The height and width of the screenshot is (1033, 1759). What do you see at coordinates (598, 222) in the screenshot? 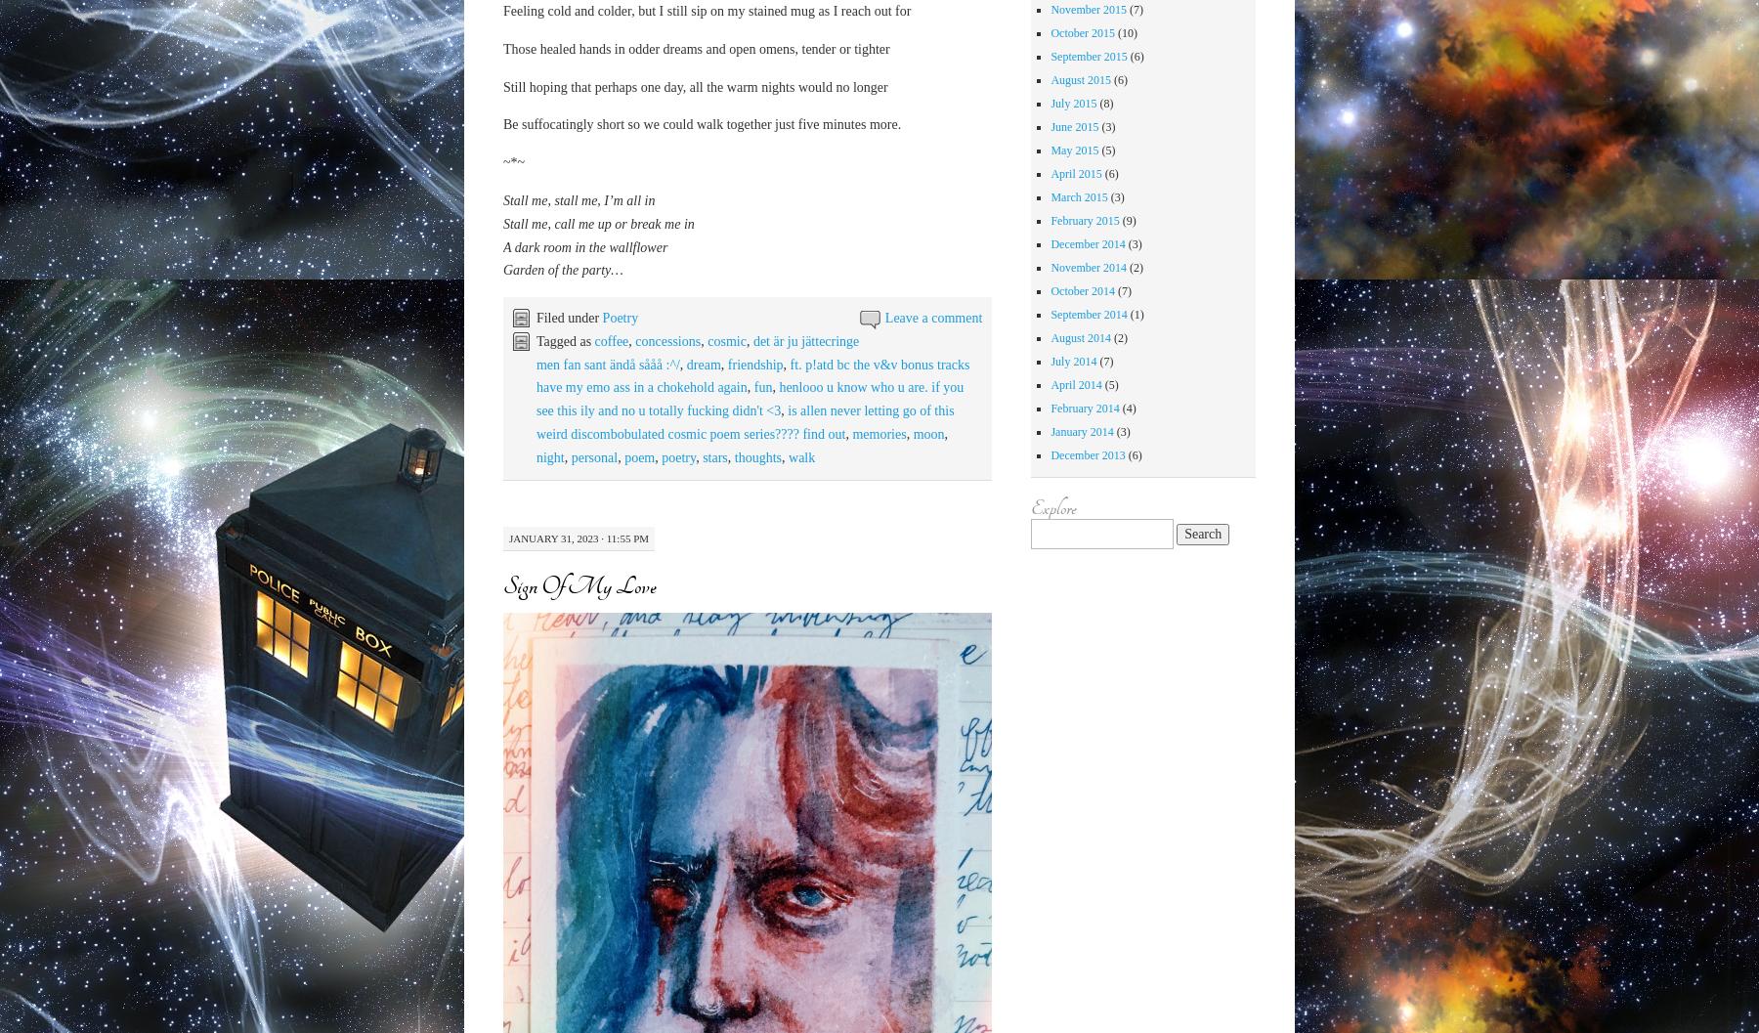
I see `'Stall me, call me up or break me in'` at bounding box center [598, 222].